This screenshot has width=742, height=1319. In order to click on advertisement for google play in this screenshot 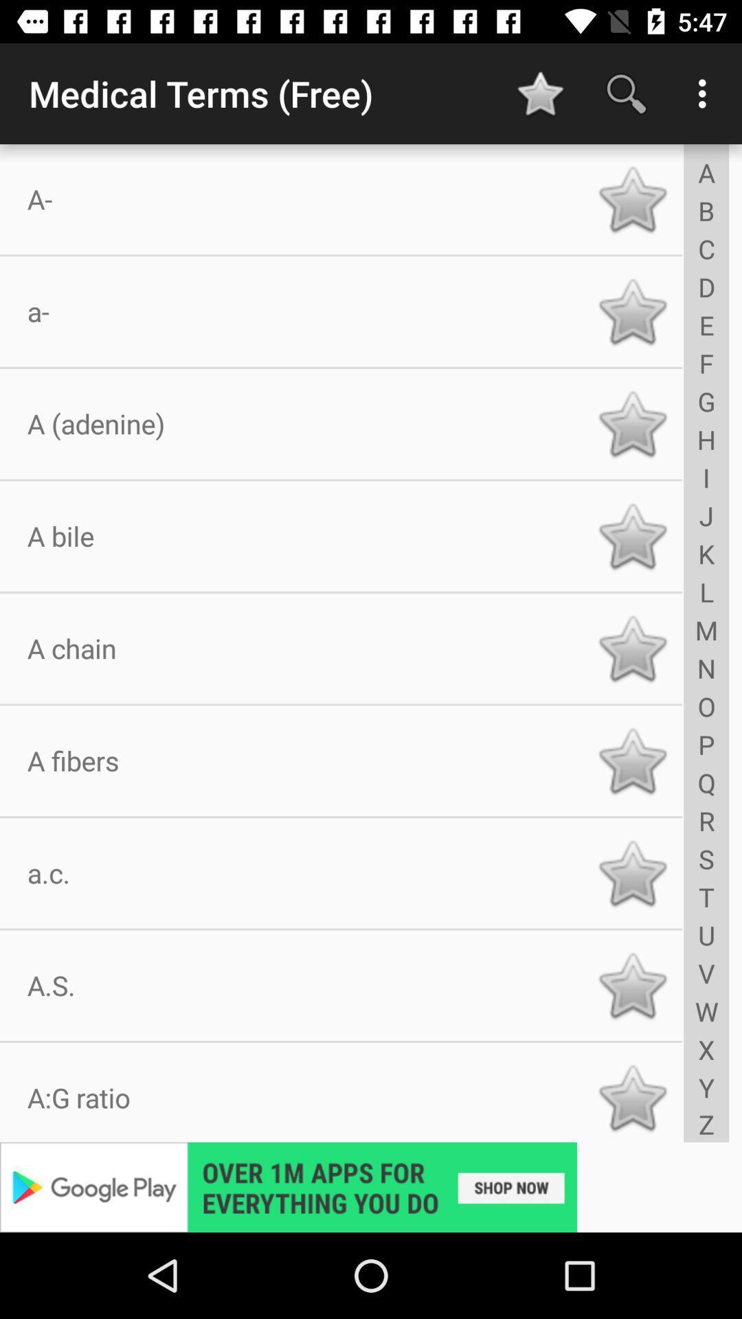, I will do `click(371, 1186)`.